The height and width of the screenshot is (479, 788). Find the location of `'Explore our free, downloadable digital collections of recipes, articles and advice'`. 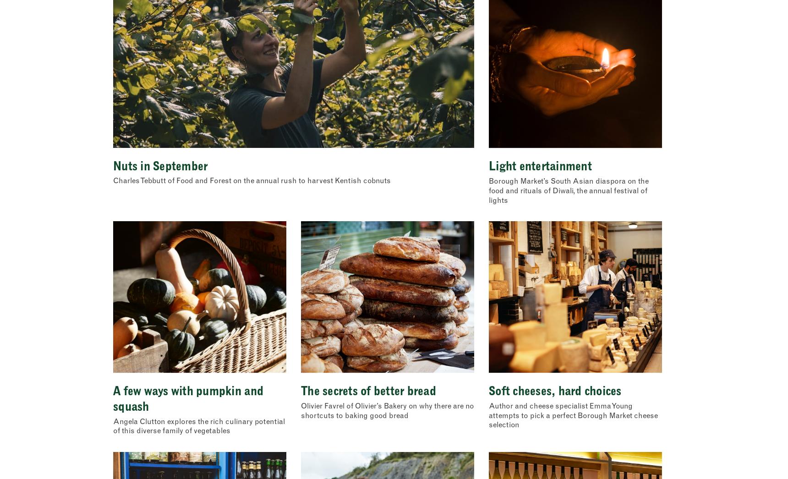

'Explore our free, downloadable digital collections of recipes, articles and advice' is located at coordinates (197, 135).